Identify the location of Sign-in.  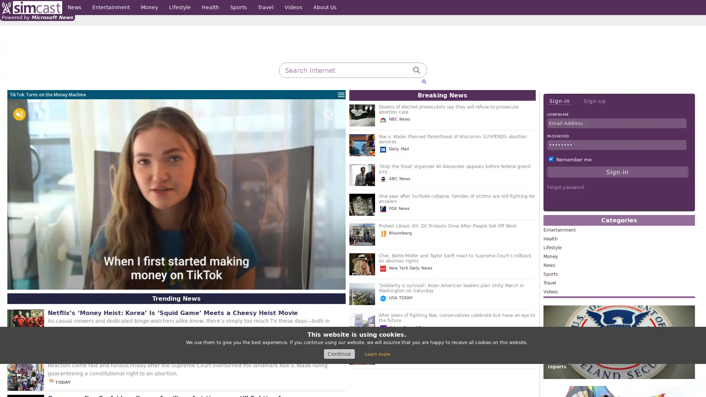
(617, 172).